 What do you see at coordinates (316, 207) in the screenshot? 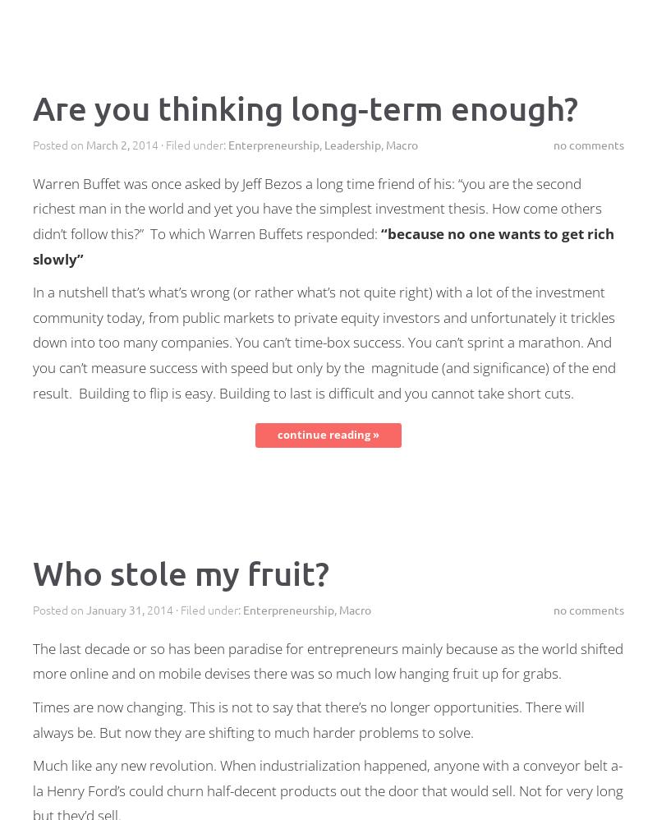
I see `'Warren Buffet was once asked by Jeff Bezos a long time friend of his: “you are the second richest man in the world and yet you have the simplest investment thesis. How come others didn’t follow this?”  To which Warren Buffets responded:'` at bounding box center [316, 207].